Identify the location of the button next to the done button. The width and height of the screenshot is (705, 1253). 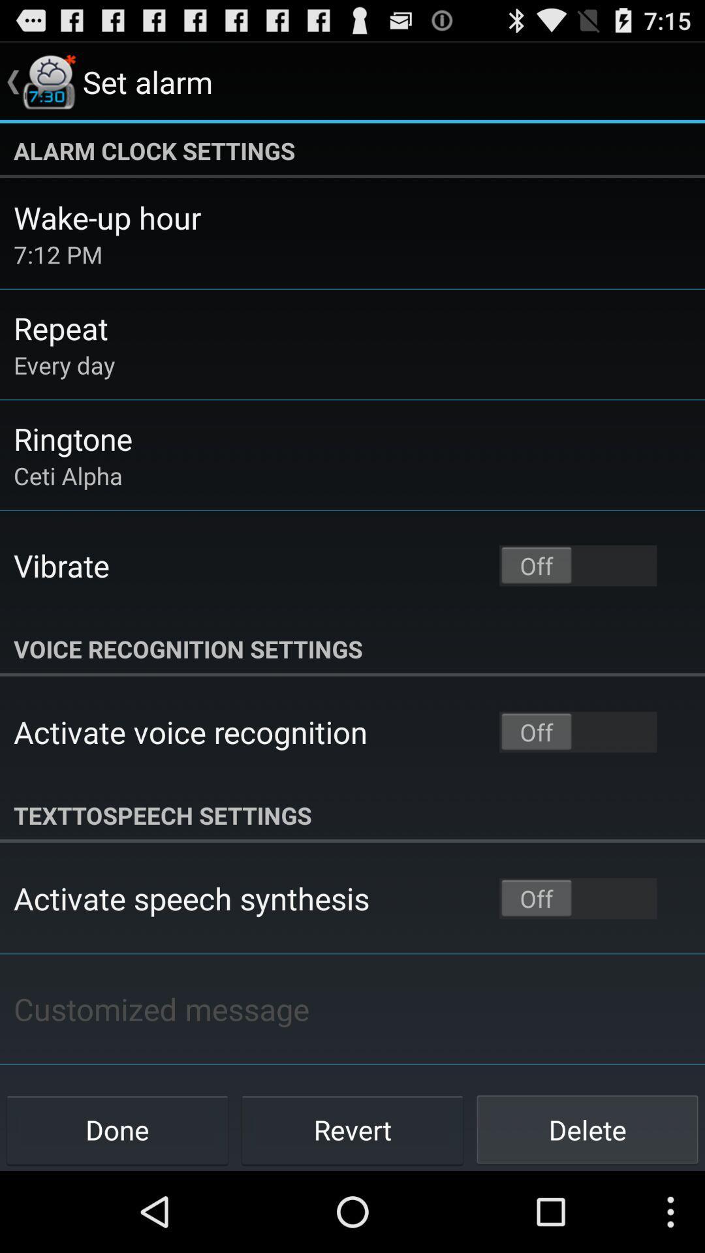
(352, 1129).